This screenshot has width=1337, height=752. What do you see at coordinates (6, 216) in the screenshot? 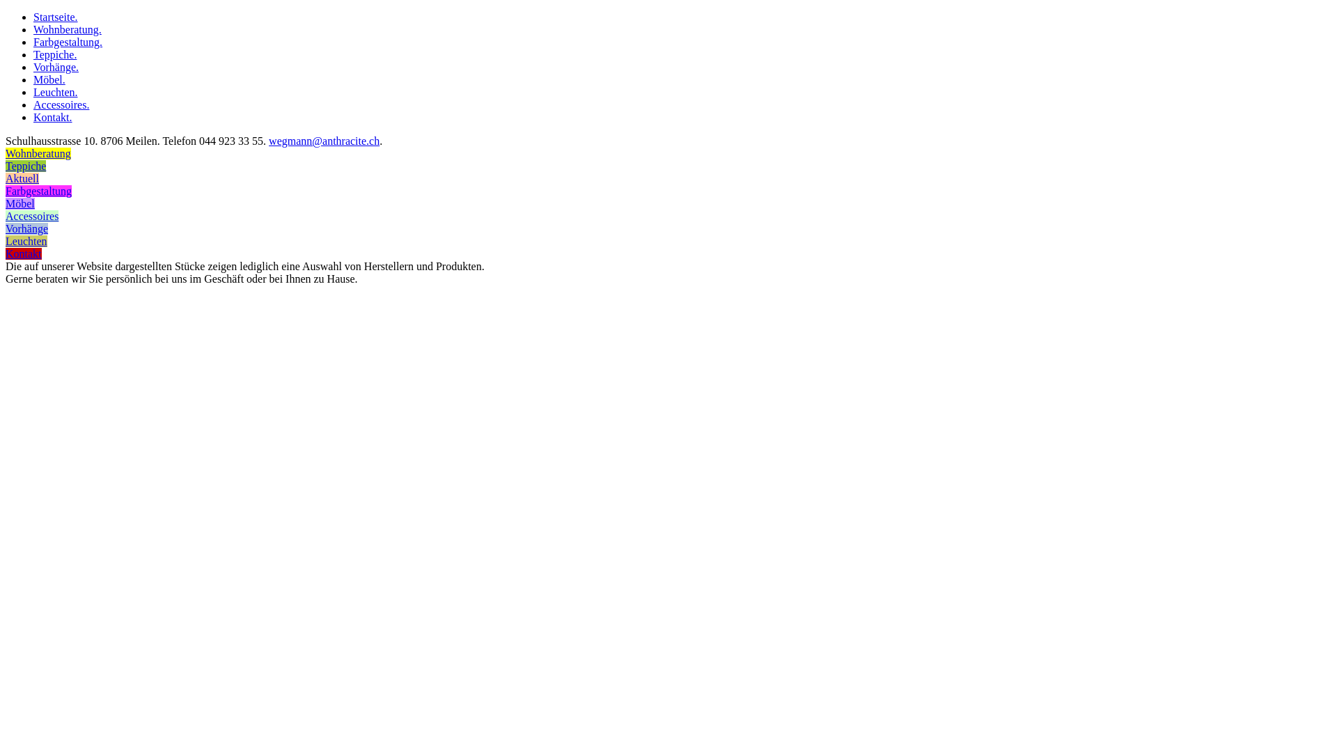
I see `'Accessoires'` at bounding box center [6, 216].